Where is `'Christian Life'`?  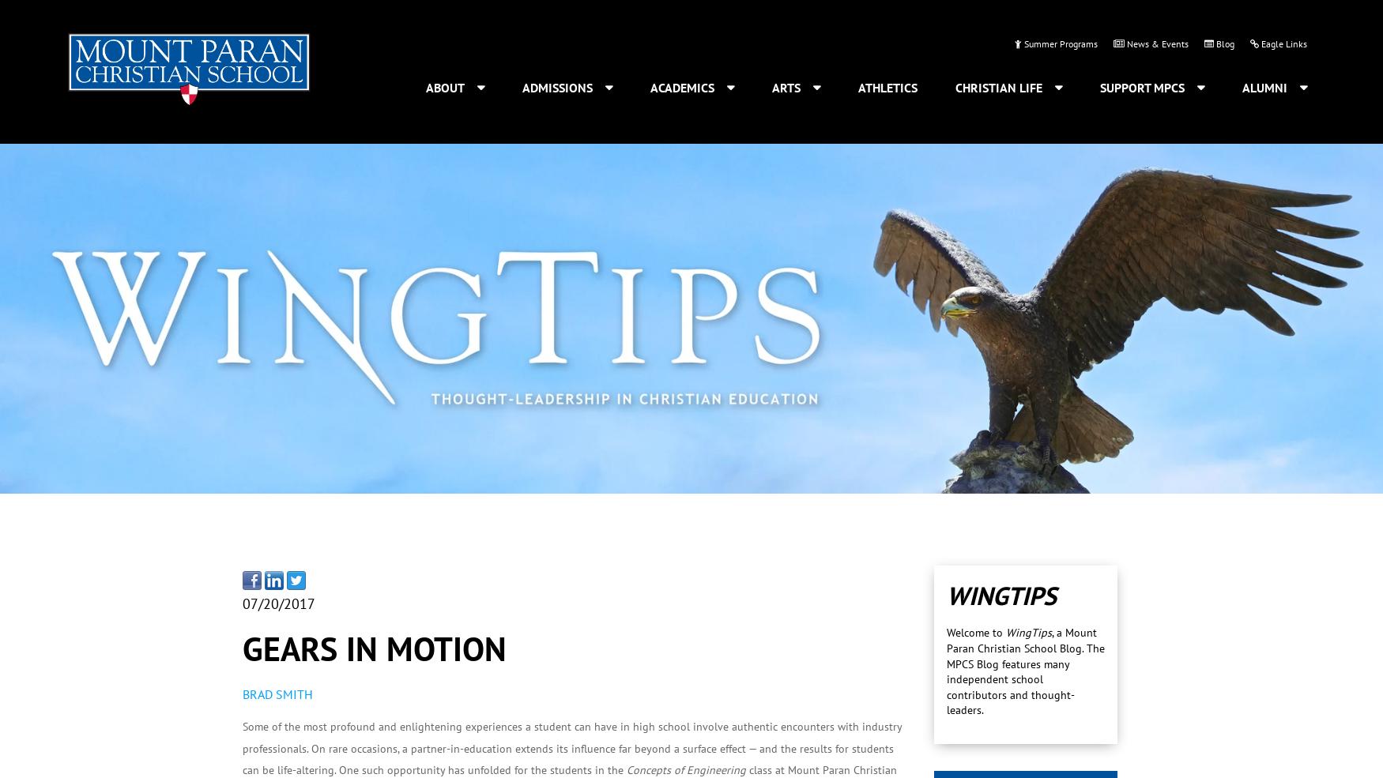
'Christian Life' is located at coordinates (998, 88).